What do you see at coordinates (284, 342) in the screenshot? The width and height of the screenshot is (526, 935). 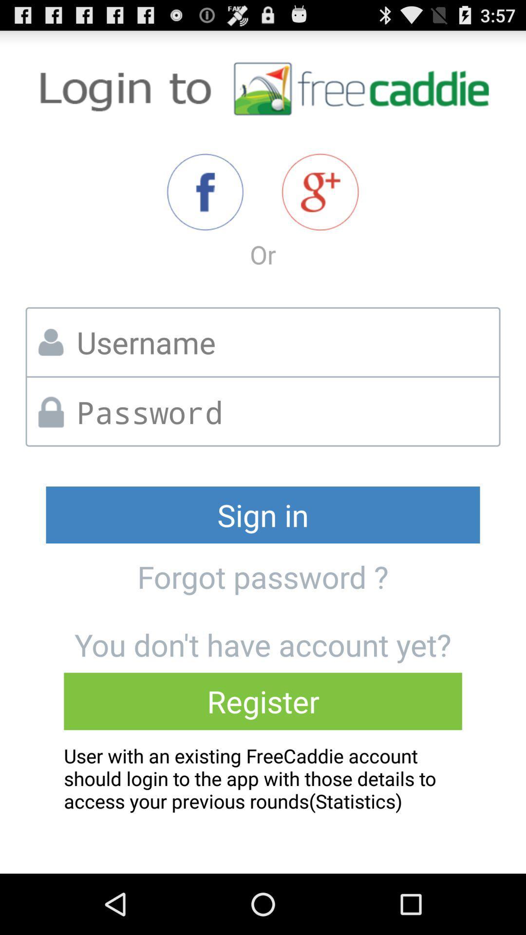 I see `type in username` at bounding box center [284, 342].